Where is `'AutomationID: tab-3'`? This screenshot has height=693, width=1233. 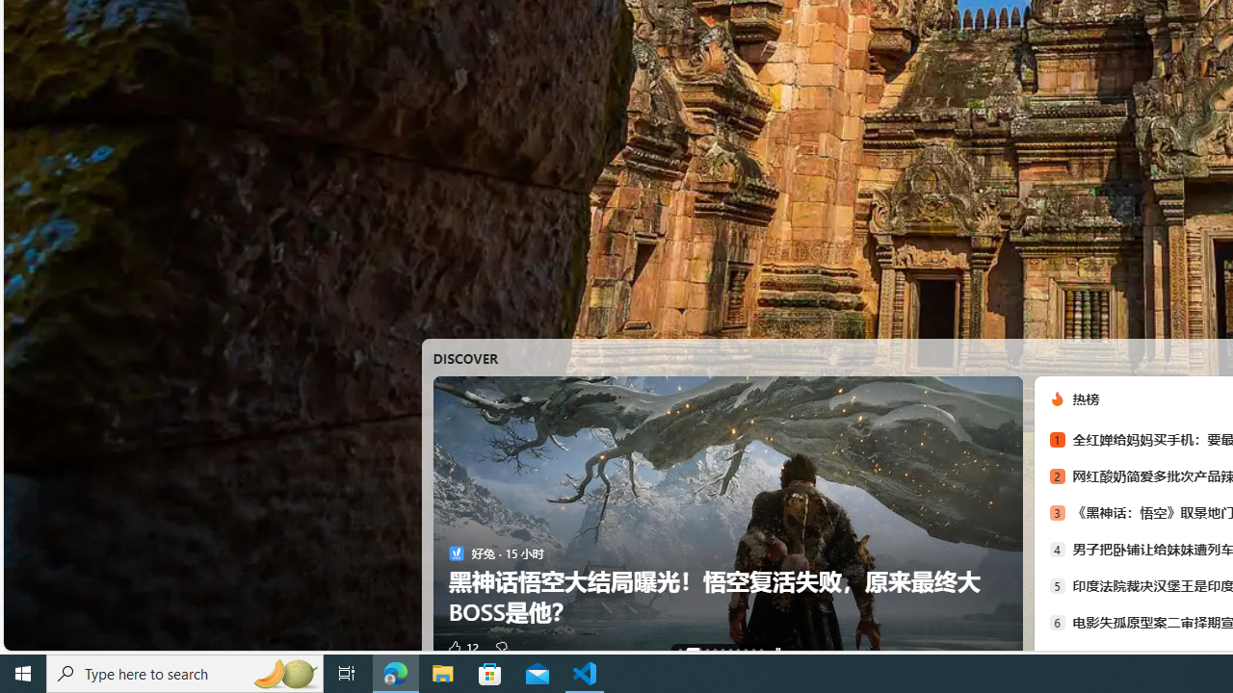 'AutomationID: tab-3' is located at coordinates (714, 650).